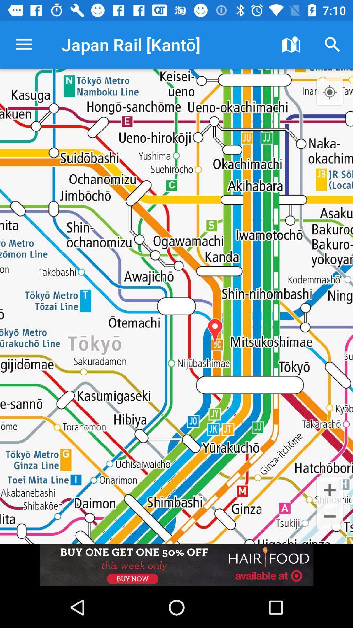 This screenshot has height=628, width=353. What do you see at coordinates (176, 565) in the screenshot?
I see `open this advertisement` at bounding box center [176, 565].